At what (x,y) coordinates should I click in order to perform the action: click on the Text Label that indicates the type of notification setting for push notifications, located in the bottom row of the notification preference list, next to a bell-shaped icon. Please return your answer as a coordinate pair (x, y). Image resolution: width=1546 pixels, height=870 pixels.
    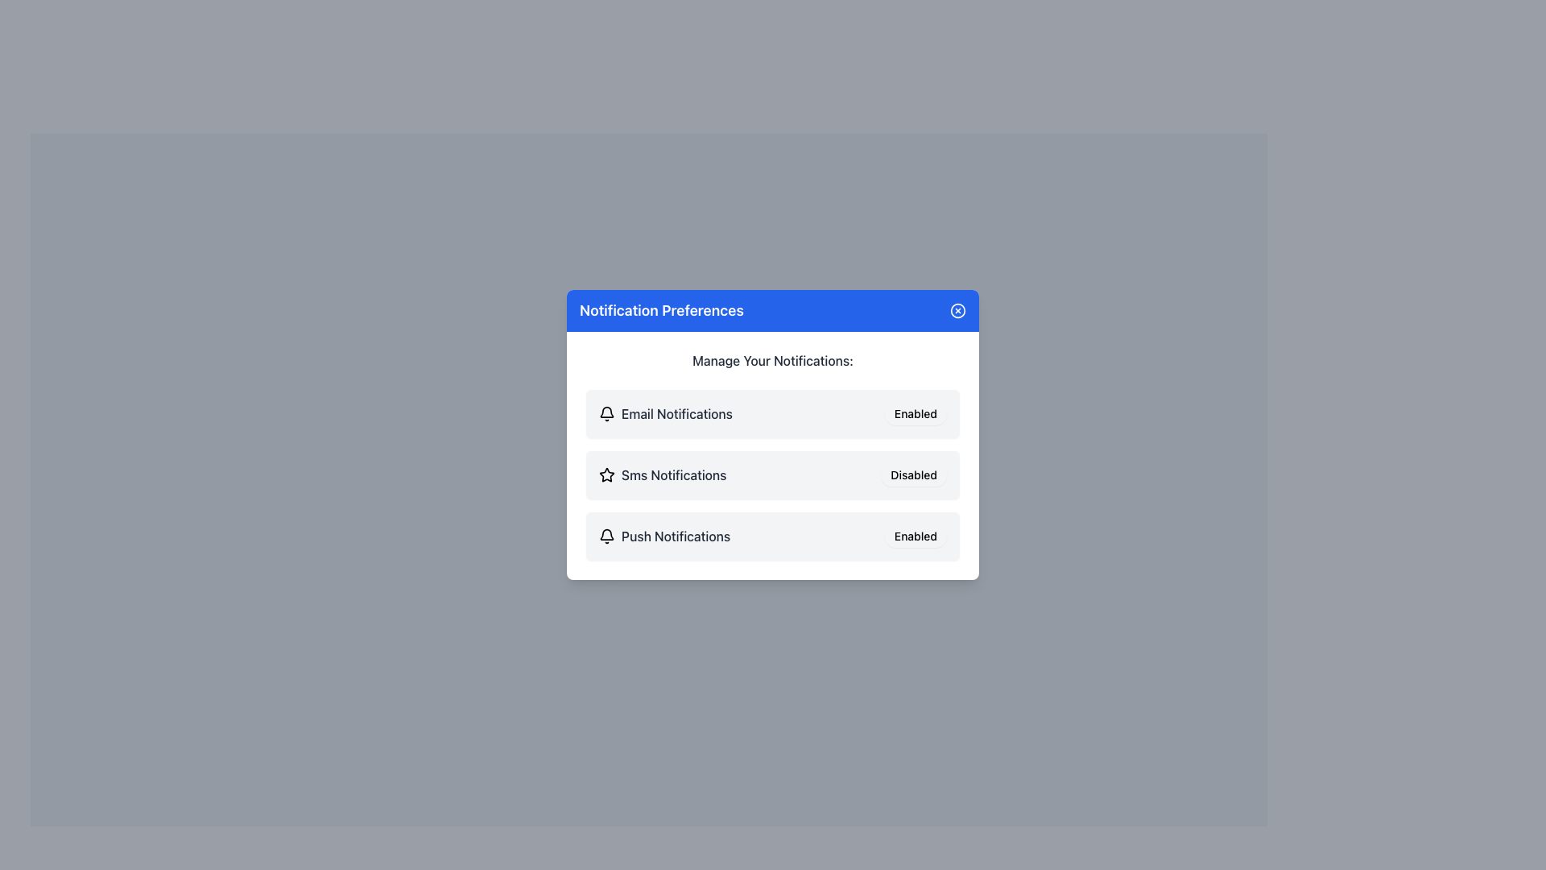
    Looking at the image, I should click on (676, 536).